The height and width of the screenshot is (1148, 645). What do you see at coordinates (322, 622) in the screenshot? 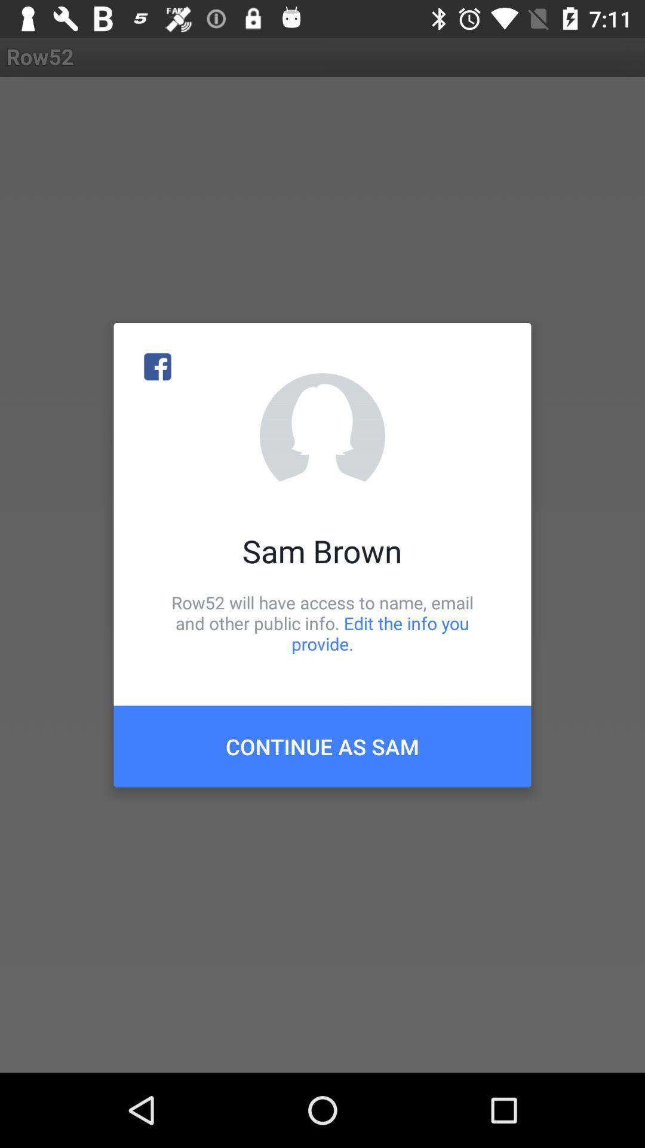
I see `icon above the continue as sam` at bounding box center [322, 622].